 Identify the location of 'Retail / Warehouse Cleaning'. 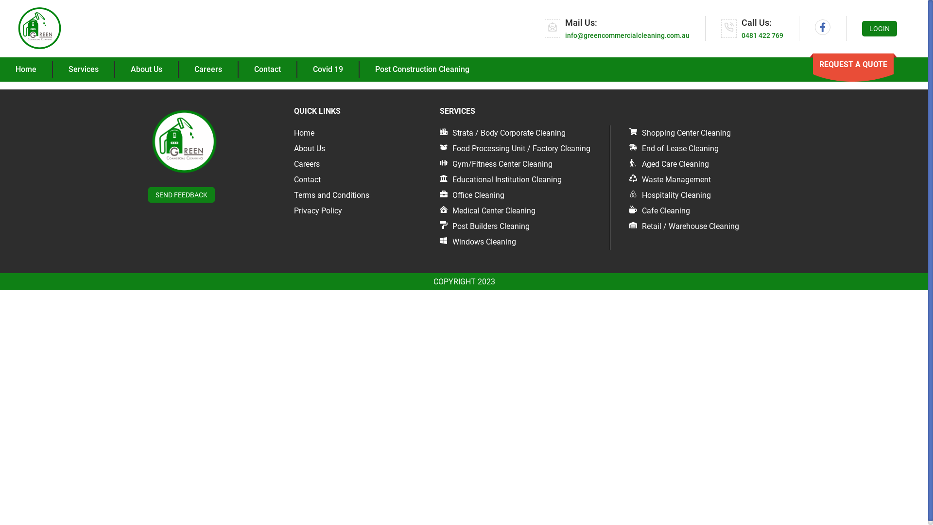
(683, 226).